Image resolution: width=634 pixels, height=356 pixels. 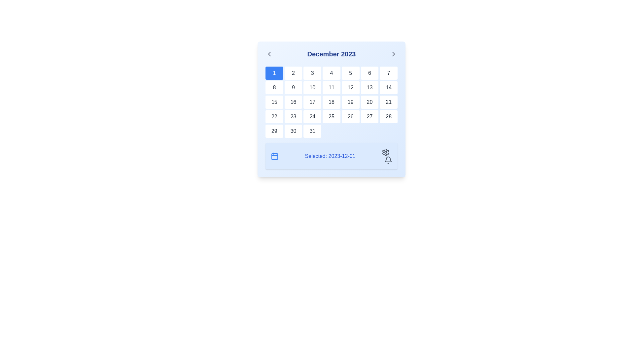 I want to click on the button representing day '5' in the calendar grid, so click(x=350, y=73).